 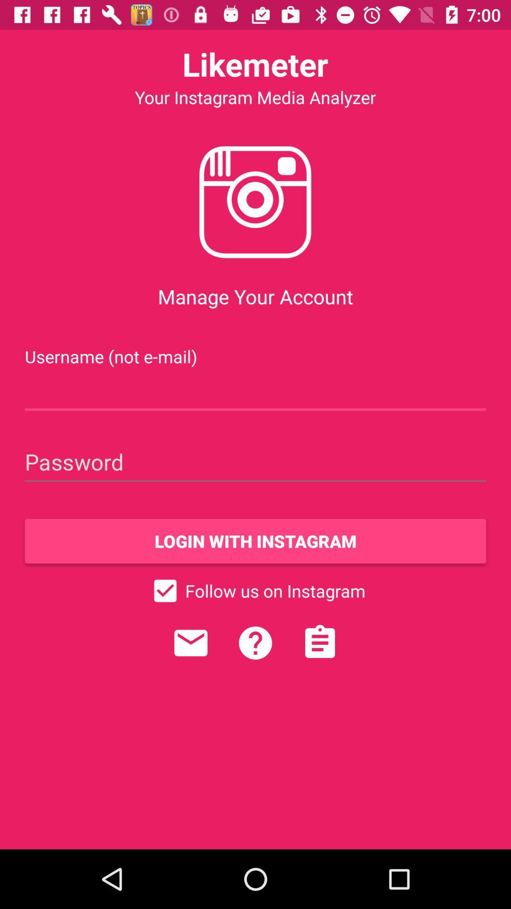 I want to click on the login with instagram icon, so click(x=255, y=541).